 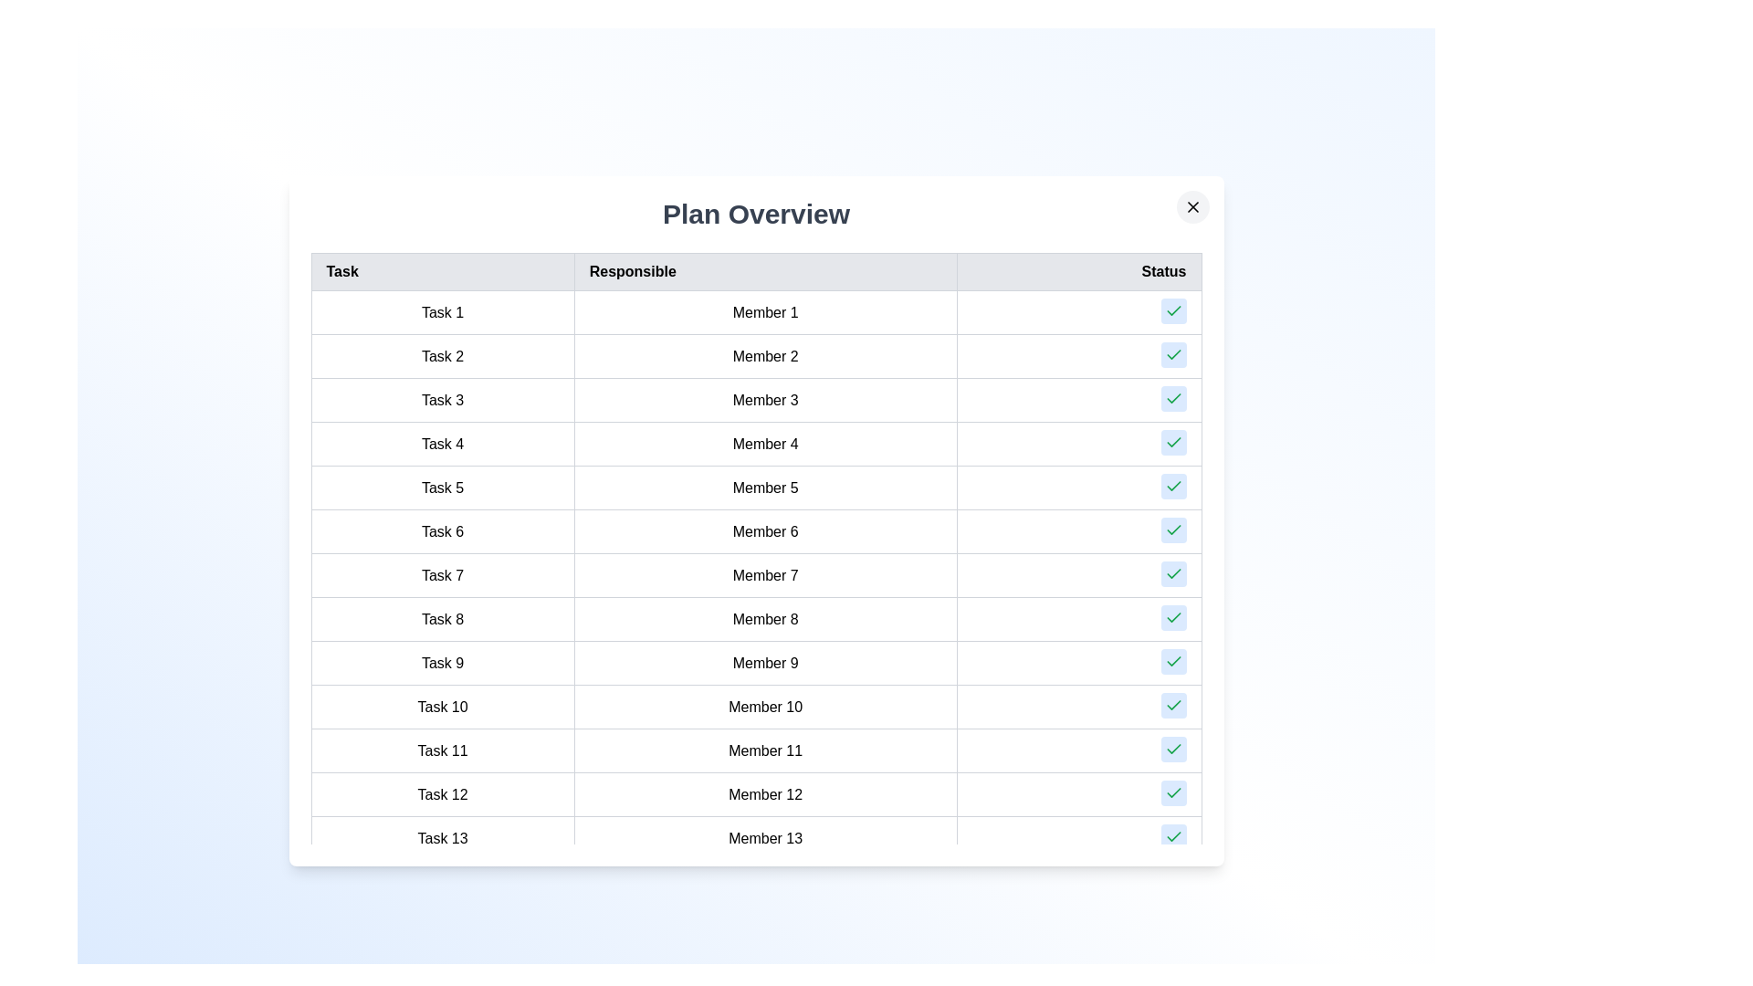 What do you see at coordinates (1173, 662) in the screenshot?
I see `the 'Check' button for task 9 to mark it as completed` at bounding box center [1173, 662].